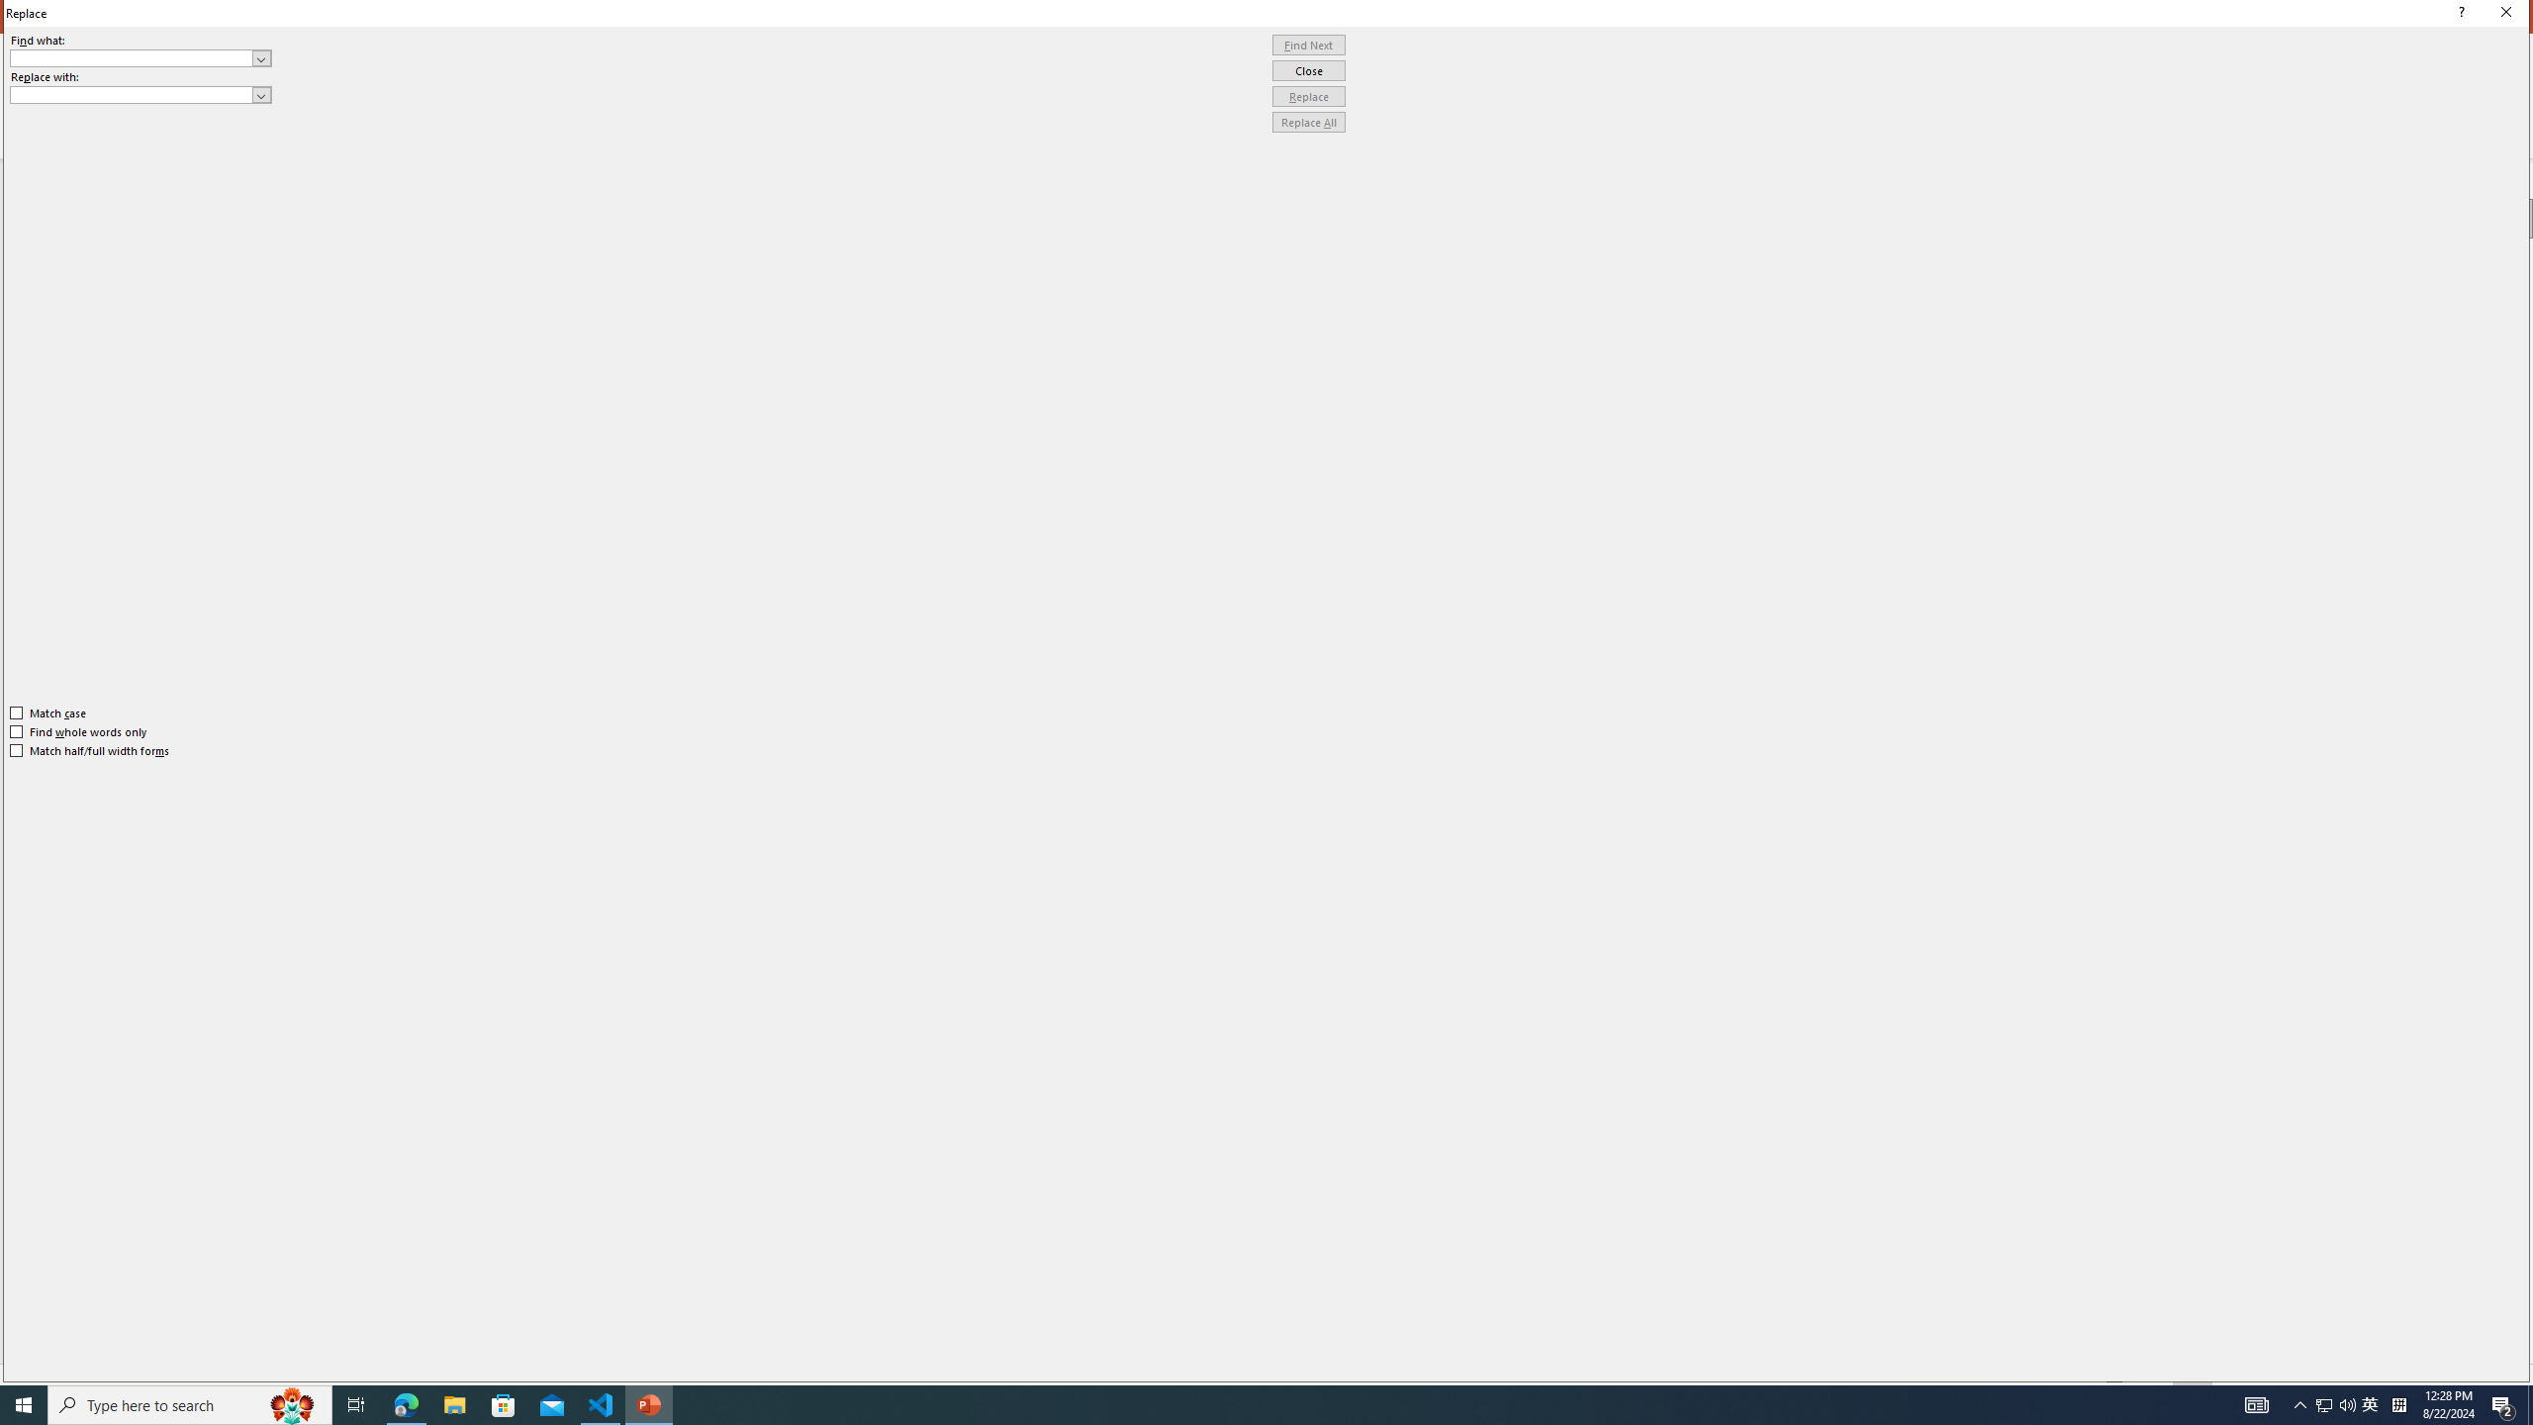 This screenshot has width=2533, height=1425. Describe the element at coordinates (141, 57) in the screenshot. I see `'Find what'` at that location.